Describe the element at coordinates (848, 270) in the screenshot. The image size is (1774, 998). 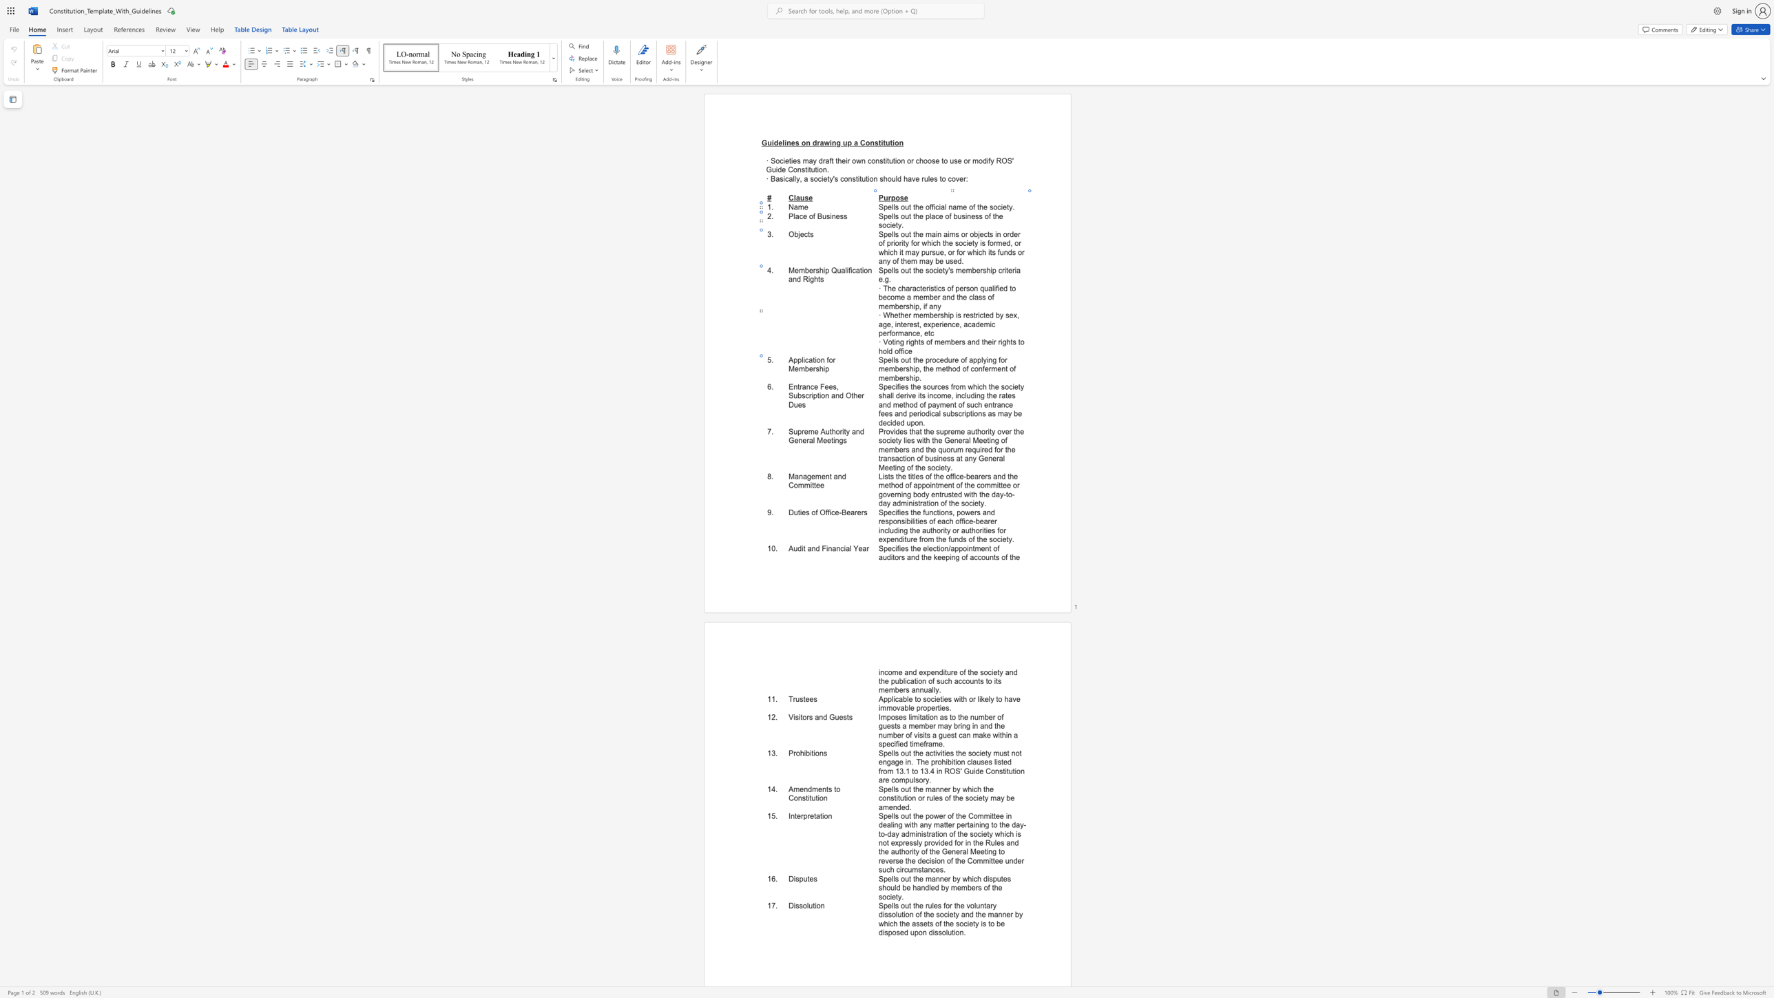
I see `the 1th character "f" in the text` at that location.